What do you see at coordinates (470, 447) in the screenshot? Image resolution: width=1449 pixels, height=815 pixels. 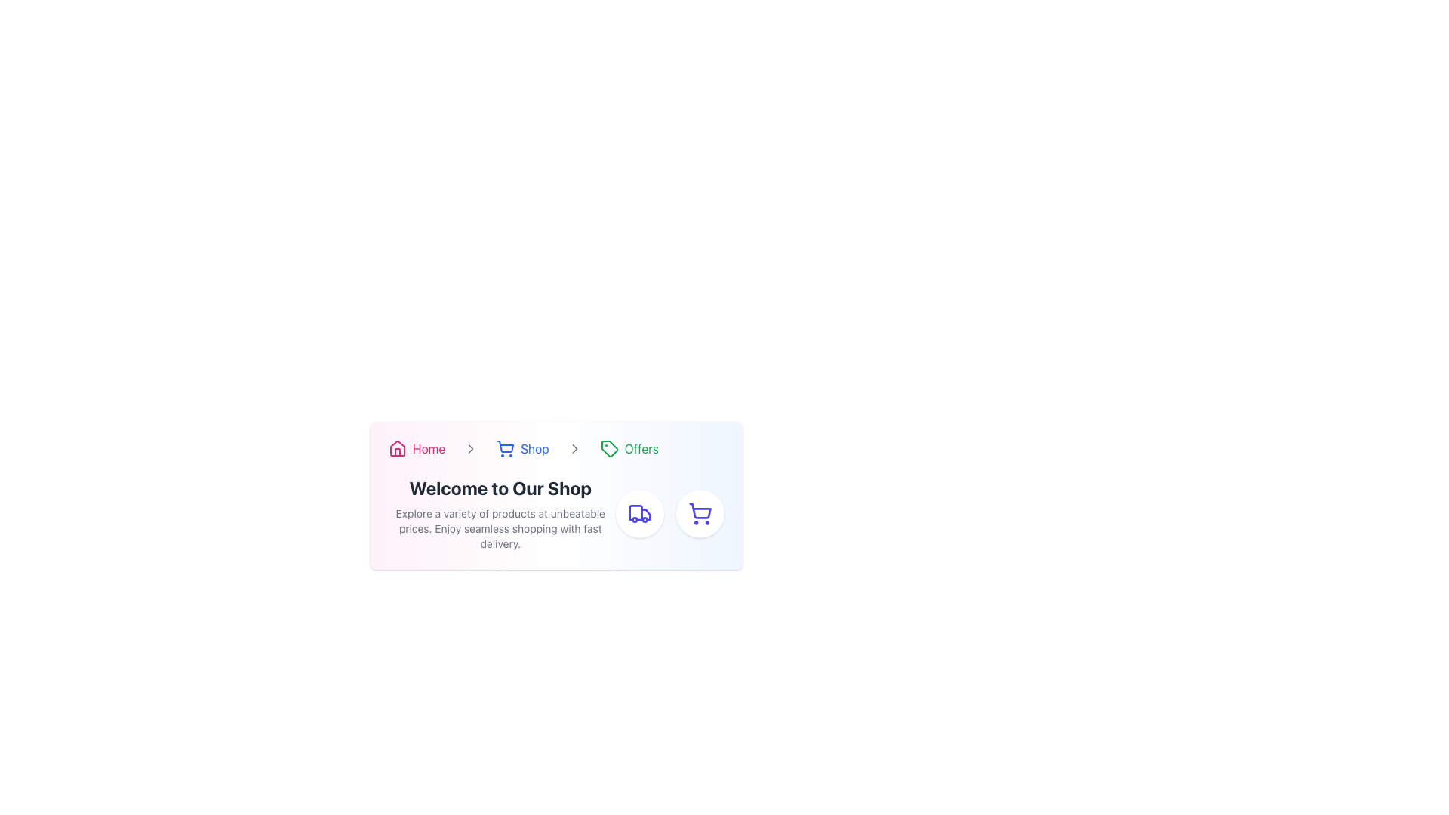 I see `the breadcrumb navigation separator icon located between the 'Shop' and 'Offers' labels` at bounding box center [470, 447].